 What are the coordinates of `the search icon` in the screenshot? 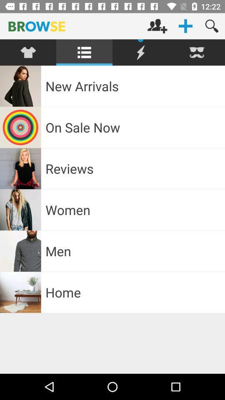 It's located at (212, 26).